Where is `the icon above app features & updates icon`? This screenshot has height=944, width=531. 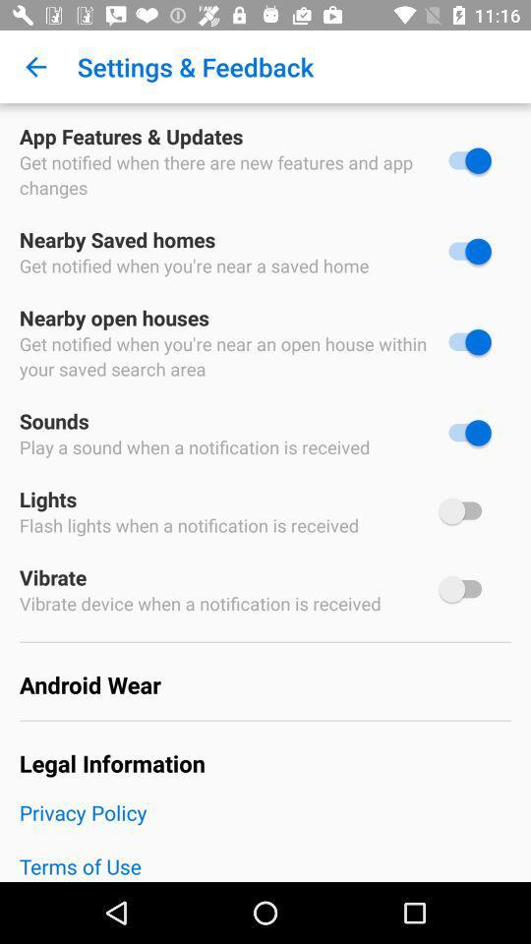
the icon above app features & updates icon is located at coordinates (35, 67).